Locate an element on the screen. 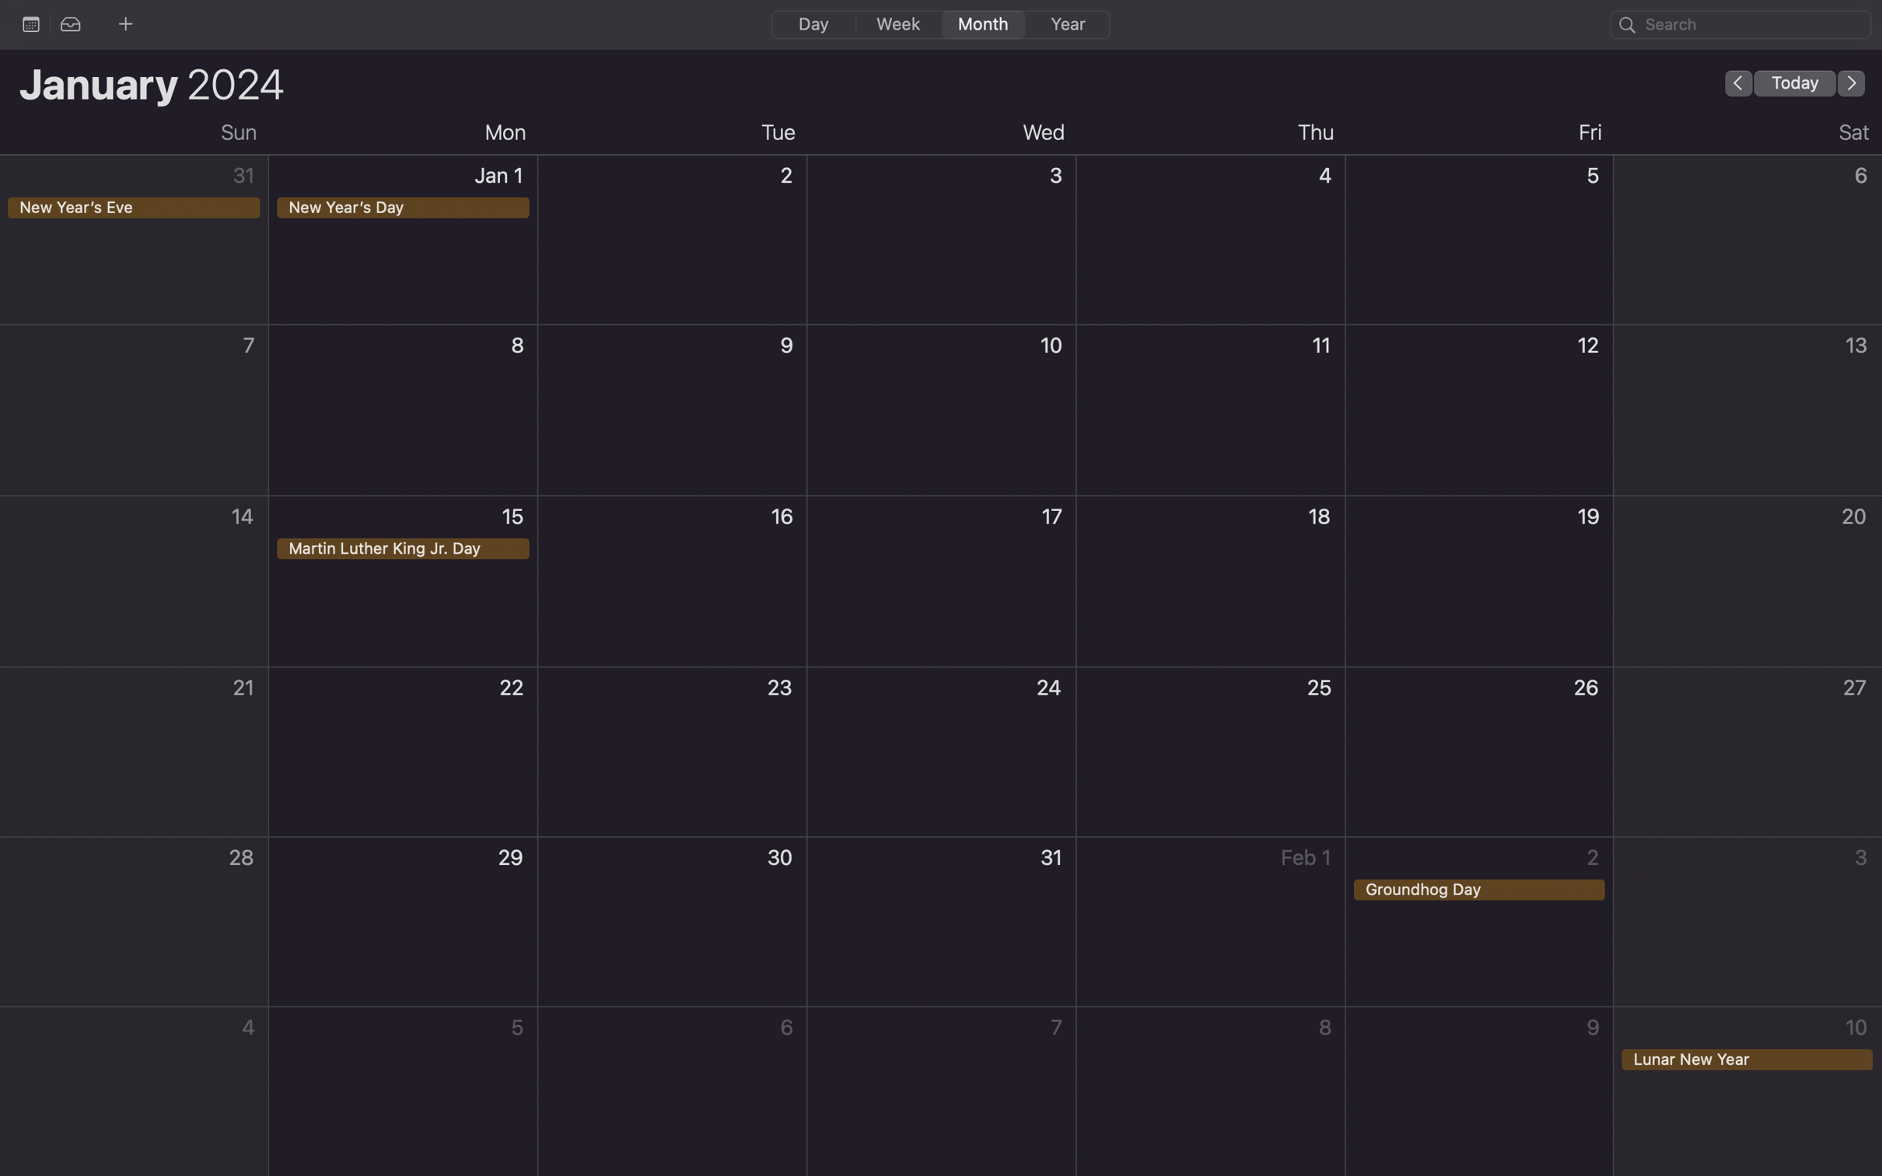 The height and width of the screenshot is (1176, 1882). Reveal daily view of the calendar is located at coordinates (812, 23).